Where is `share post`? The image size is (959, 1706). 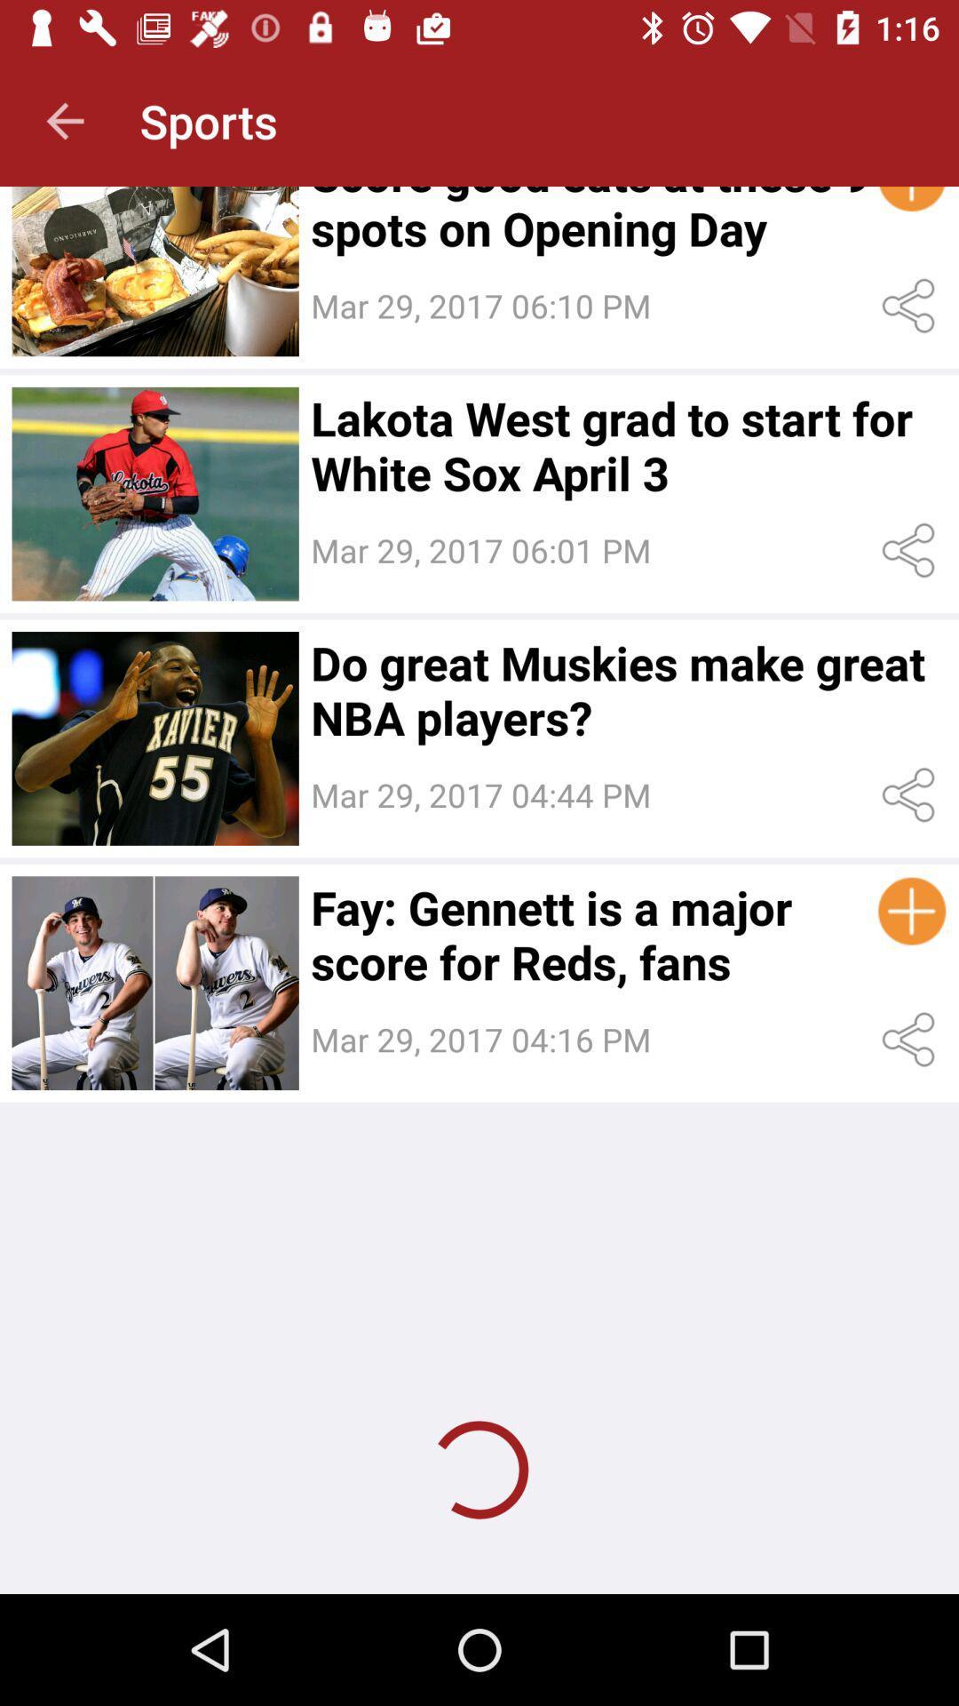 share post is located at coordinates (912, 1040).